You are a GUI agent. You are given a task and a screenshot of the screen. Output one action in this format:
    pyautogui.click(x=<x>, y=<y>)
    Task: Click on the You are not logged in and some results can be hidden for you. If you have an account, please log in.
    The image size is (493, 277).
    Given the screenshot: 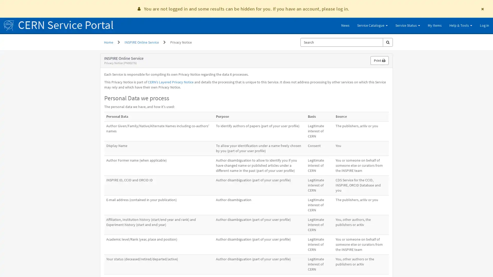 What is the action you would take?
    pyautogui.click(x=246, y=9)
    